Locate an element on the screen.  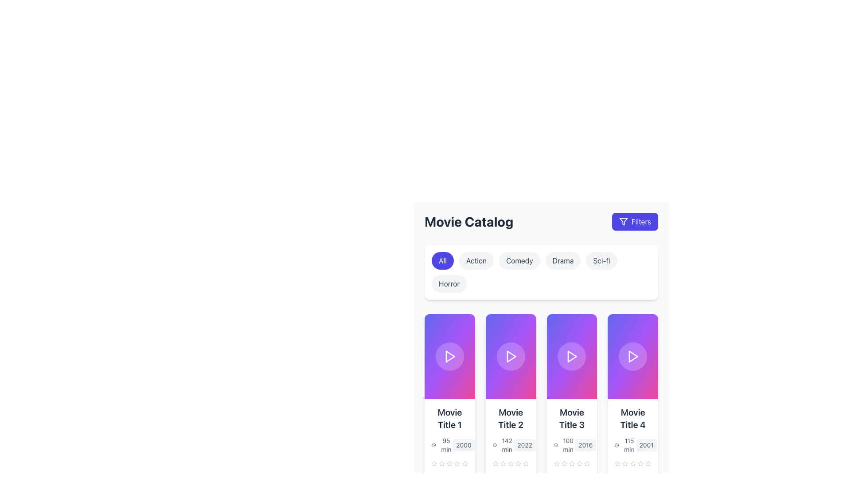
the 'Action' button, which is a light gray rounded rectangular button with a darker gray hover effect, located between the 'All' and 'Comedy' buttons is located at coordinates (476, 260).